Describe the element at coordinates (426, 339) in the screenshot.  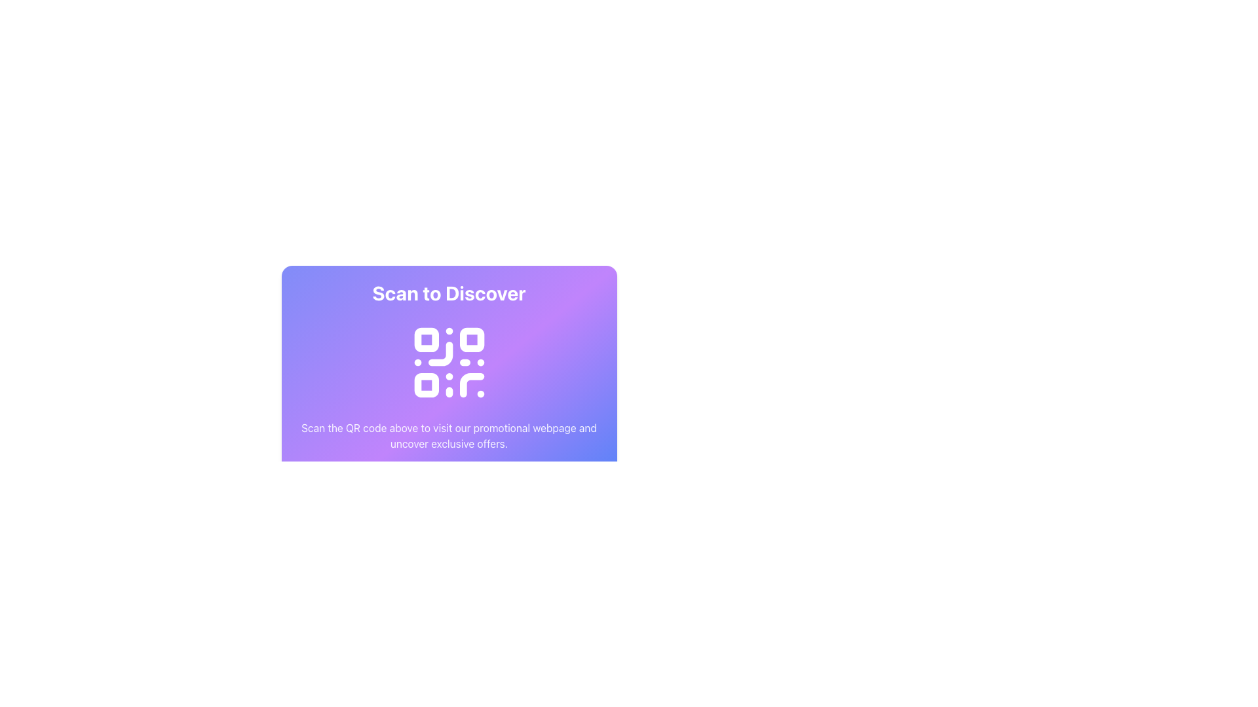
I see `the first square in the top-left corner of the QR code SVG, which has rounded corners and is part of the encoded graphical data structure` at that location.